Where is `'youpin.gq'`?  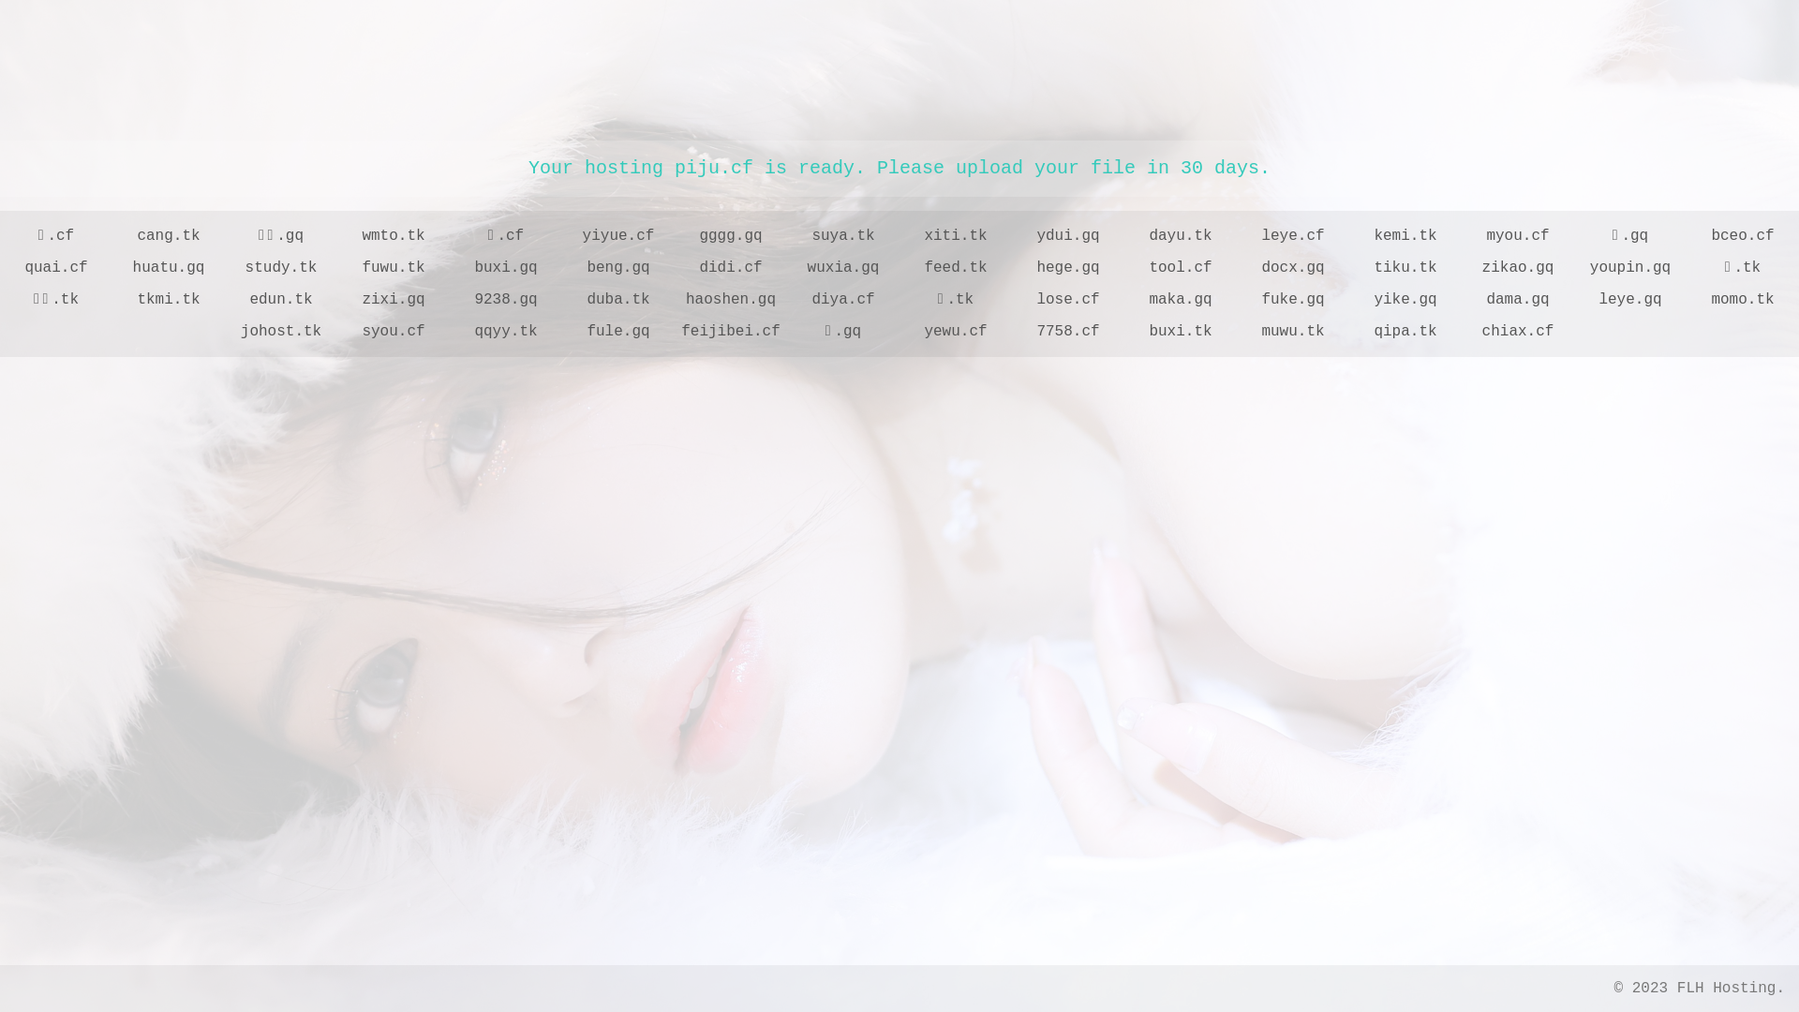 'youpin.gq' is located at coordinates (1628, 267).